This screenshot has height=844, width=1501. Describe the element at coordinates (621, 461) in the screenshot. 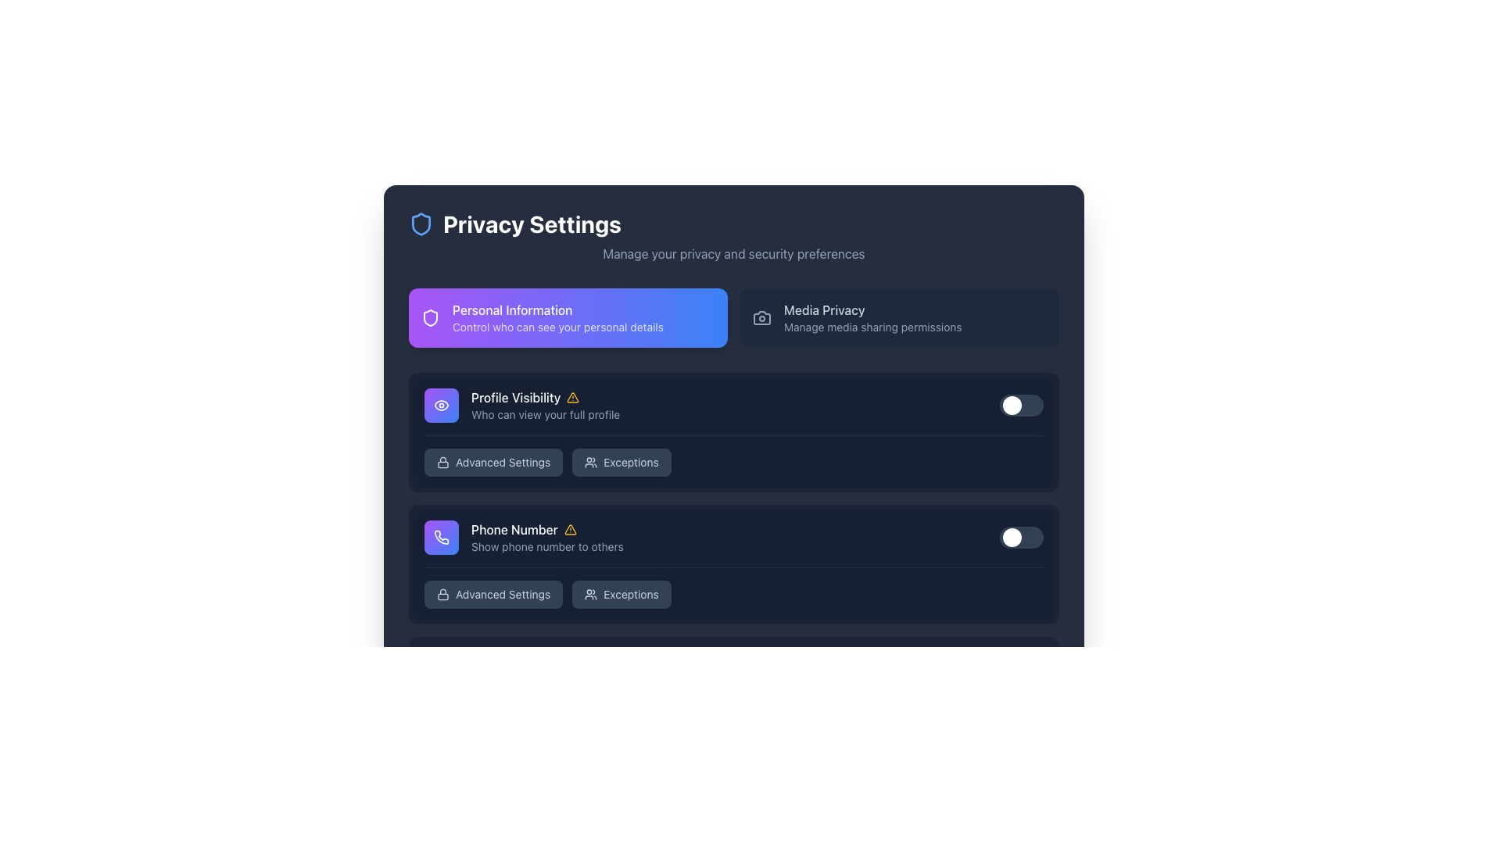

I see `the second button in the 'Profile Visibility' section` at that location.